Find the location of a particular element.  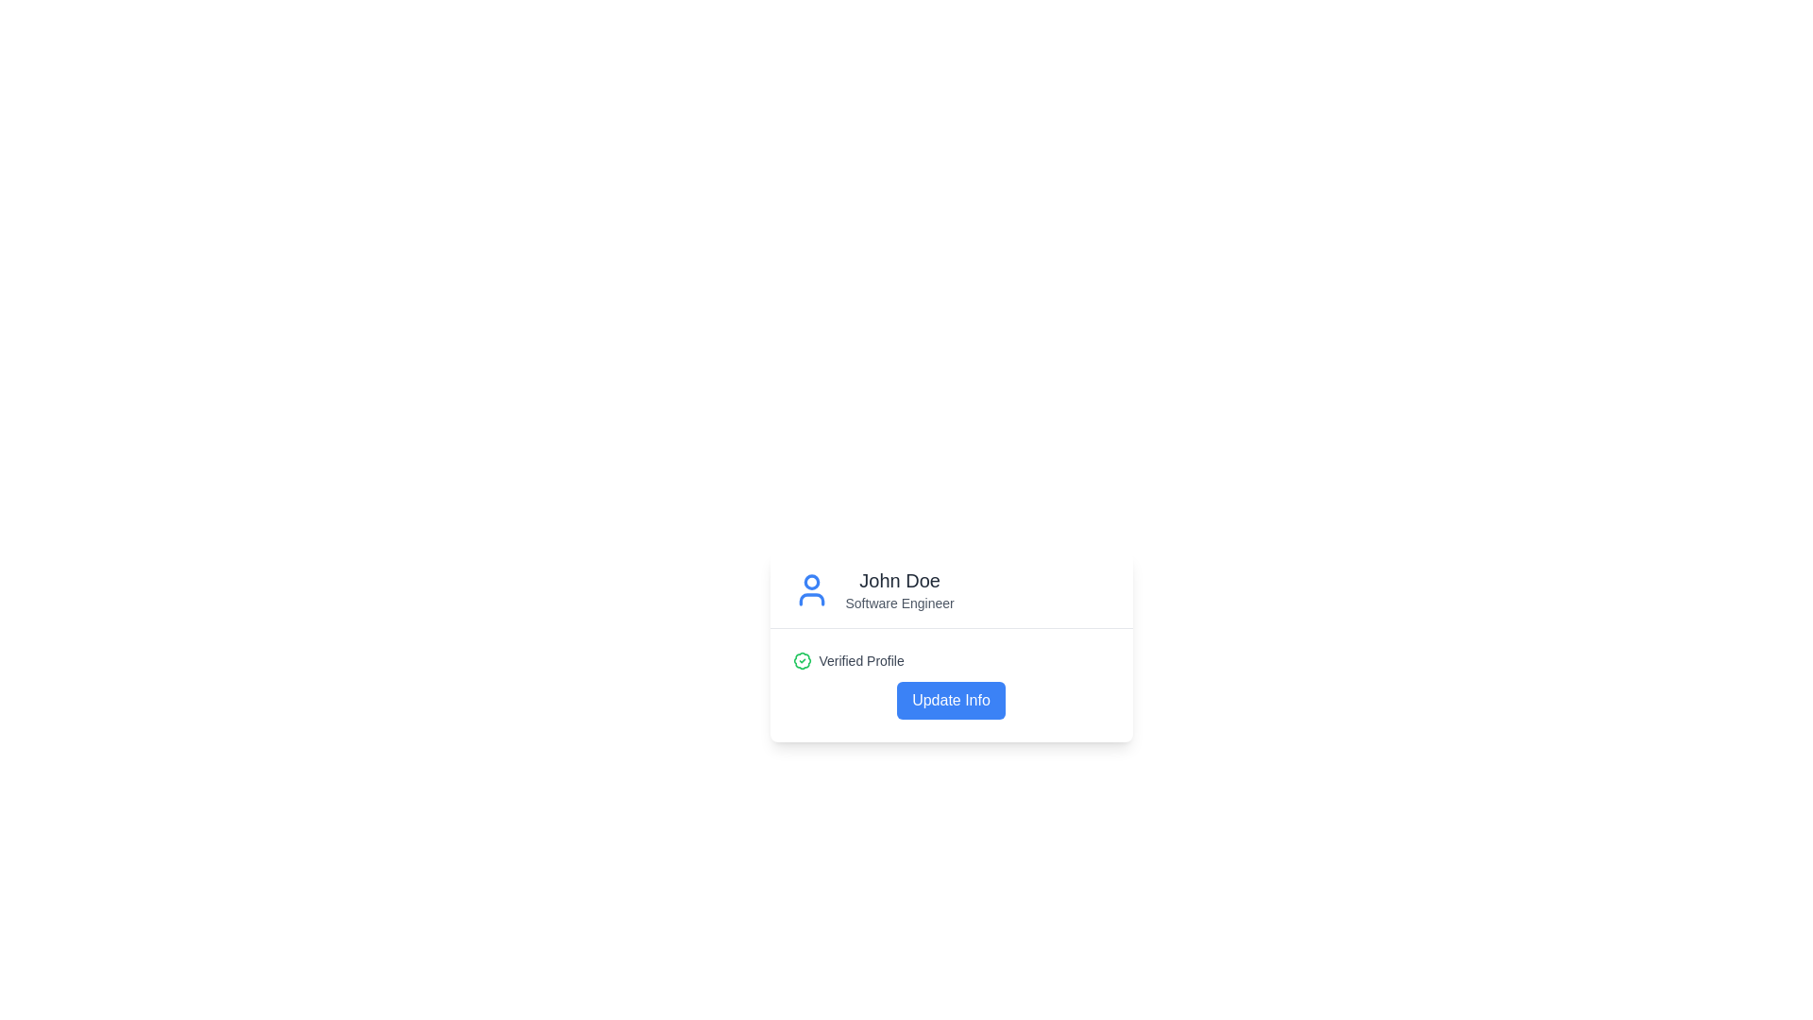

the text label displaying 'Software Engineer', which is styled in gray and located directly beneath the name 'John Doe' in the user profile section is located at coordinates (899, 603).